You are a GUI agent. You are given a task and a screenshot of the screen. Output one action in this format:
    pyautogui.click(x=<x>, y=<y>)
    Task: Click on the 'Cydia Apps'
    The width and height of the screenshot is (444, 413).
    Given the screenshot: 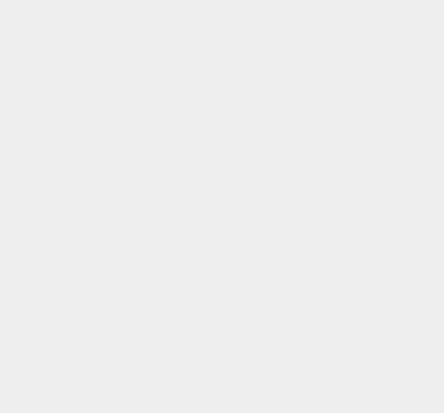 What is the action you would take?
    pyautogui.click(x=327, y=16)
    